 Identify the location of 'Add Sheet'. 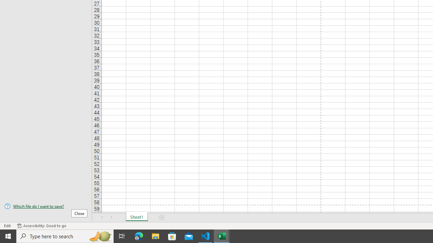
(161, 217).